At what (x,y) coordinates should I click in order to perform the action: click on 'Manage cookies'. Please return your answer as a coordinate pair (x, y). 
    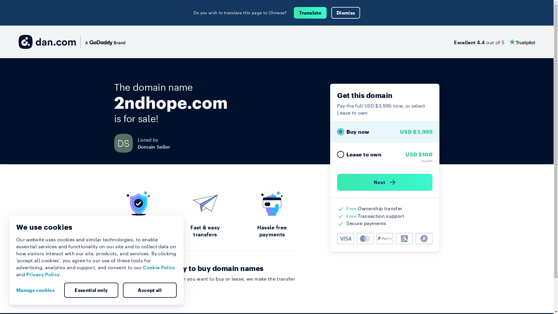
    Looking at the image, I should click on (37, 290).